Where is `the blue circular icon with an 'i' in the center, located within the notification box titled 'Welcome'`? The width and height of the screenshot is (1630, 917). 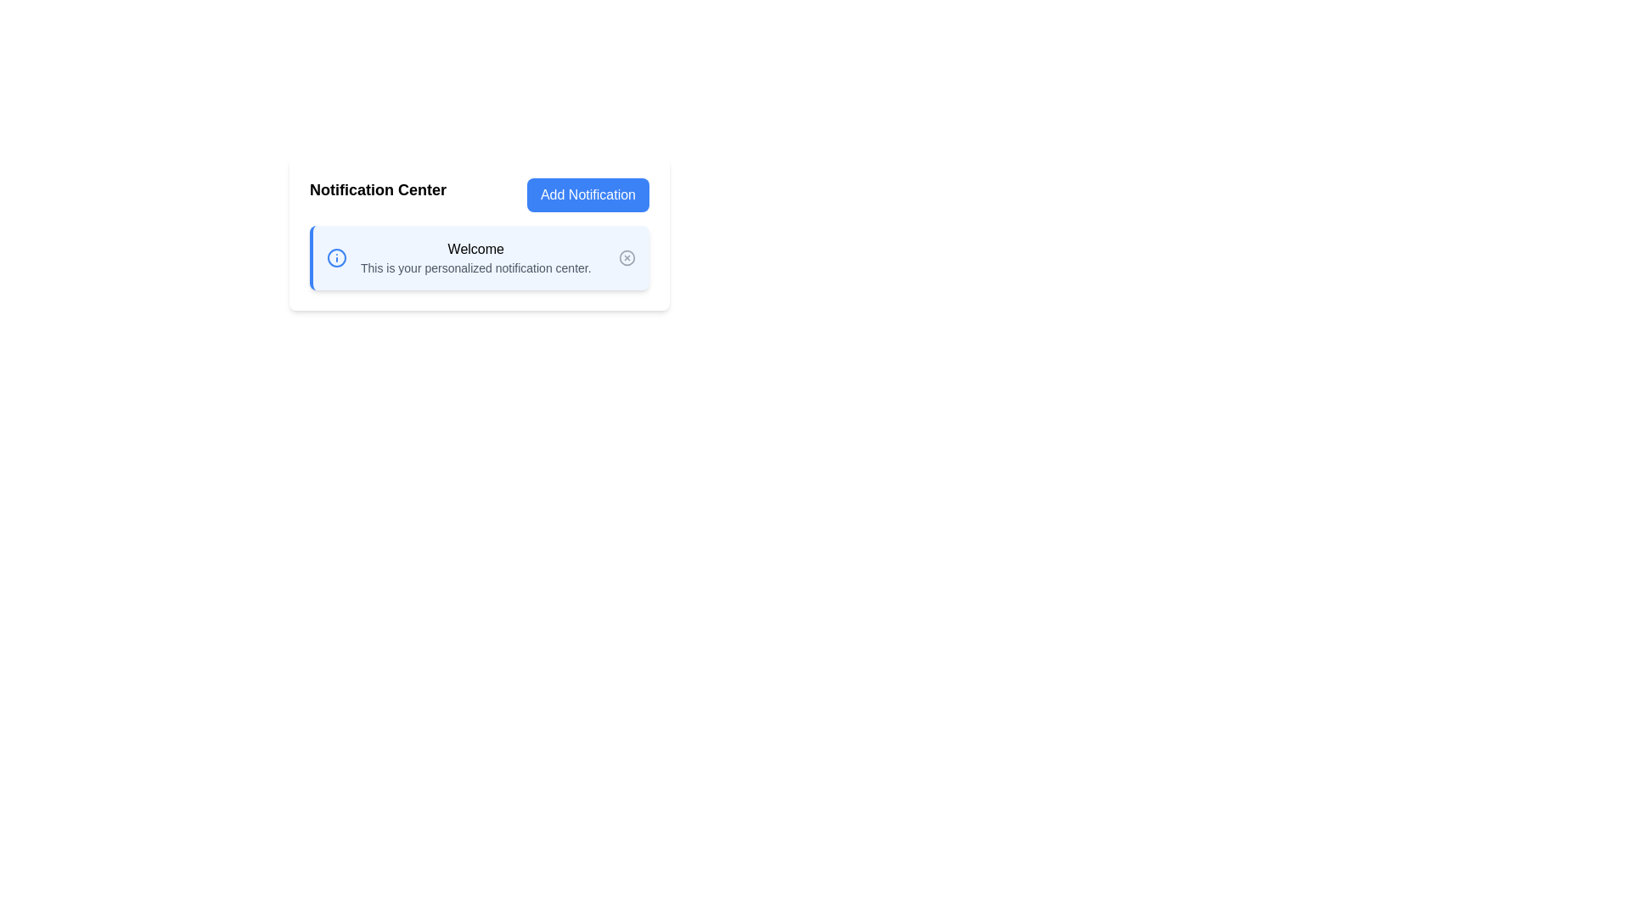 the blue circular icon with an 'i' in the center, located within the notification box titled 'Welcome' is located at coordinates (337, 258).